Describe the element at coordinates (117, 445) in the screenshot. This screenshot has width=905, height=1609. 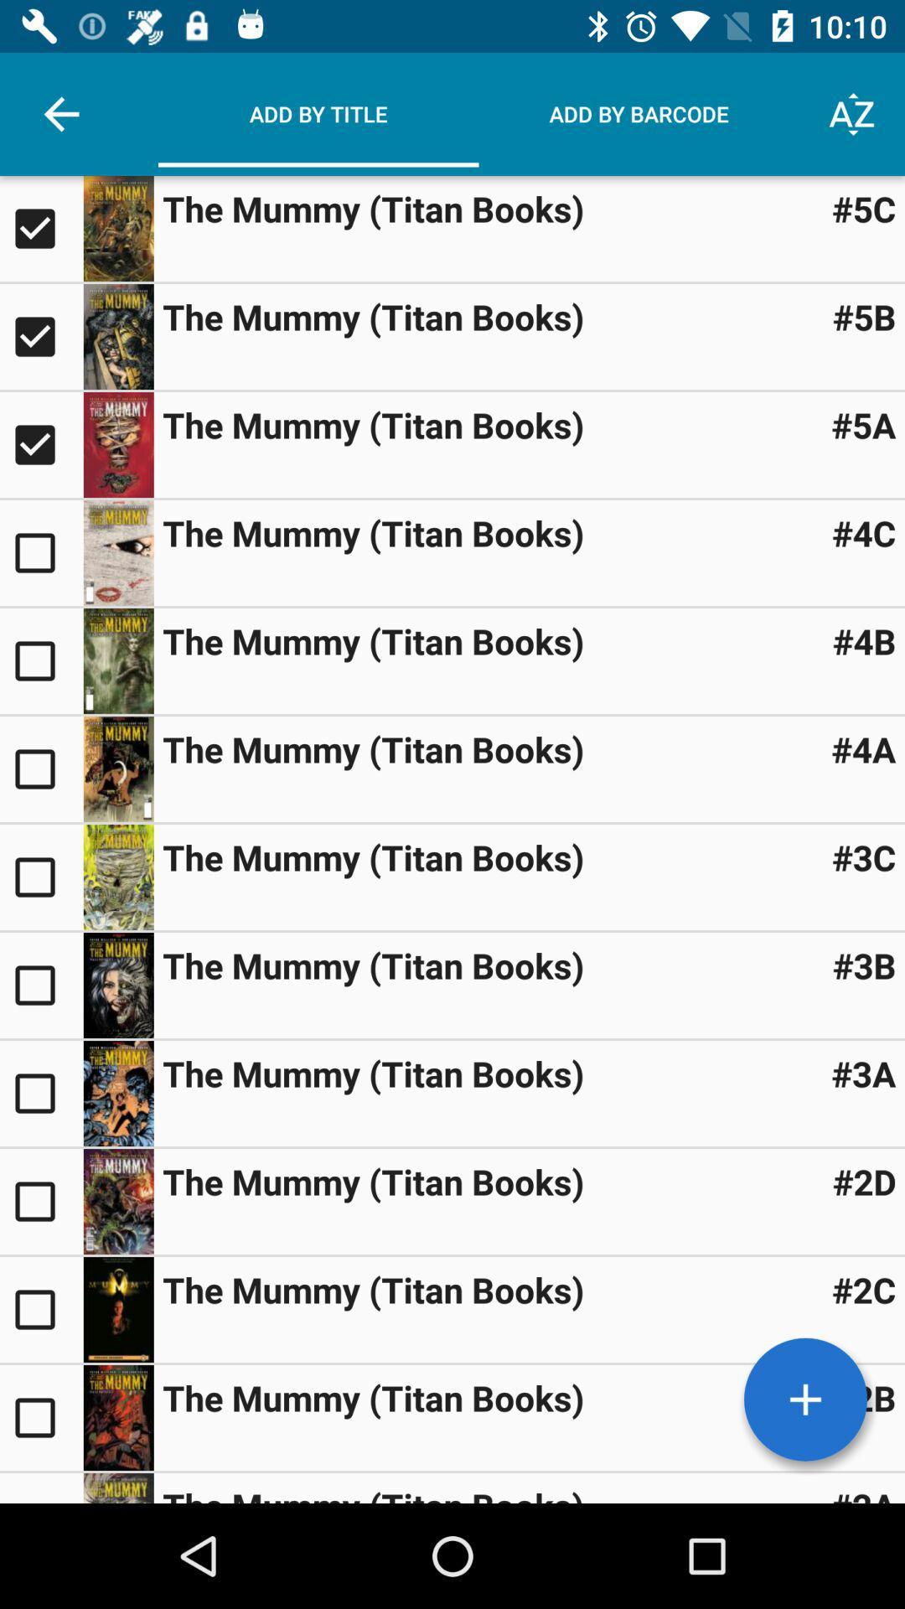
I see `photo` at that location.